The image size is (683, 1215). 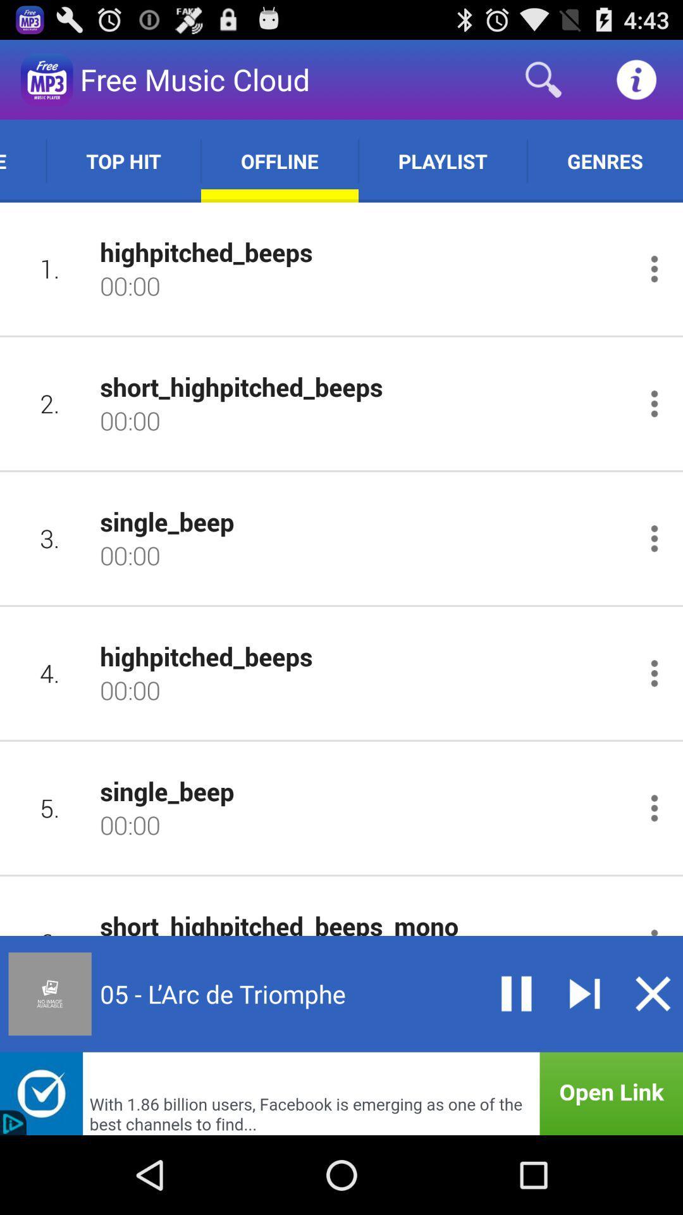 What do you see at coordinates (49, 402) in the screenshot?
I see `the icon to the left of short_highpitched_beeps icon` at bounding box center [49, 402].